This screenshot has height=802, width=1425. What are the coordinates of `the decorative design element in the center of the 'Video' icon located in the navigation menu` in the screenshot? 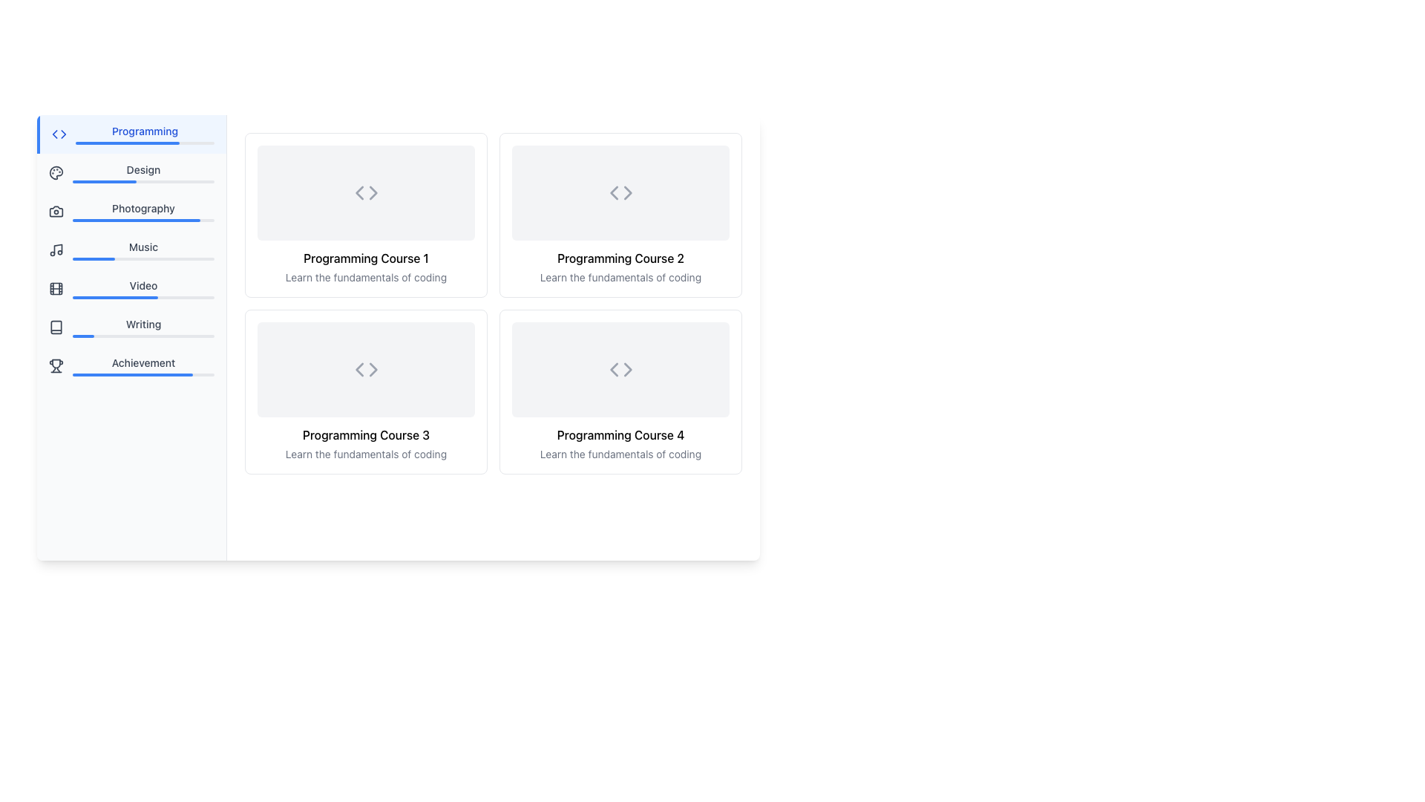 It's located at (56, 289).